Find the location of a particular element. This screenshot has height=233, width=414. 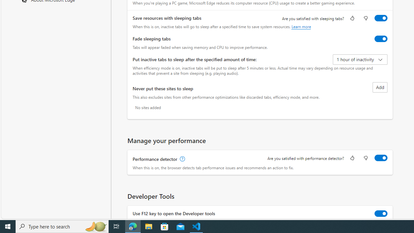

'Type here to search' is located at coordinates (62, 226).